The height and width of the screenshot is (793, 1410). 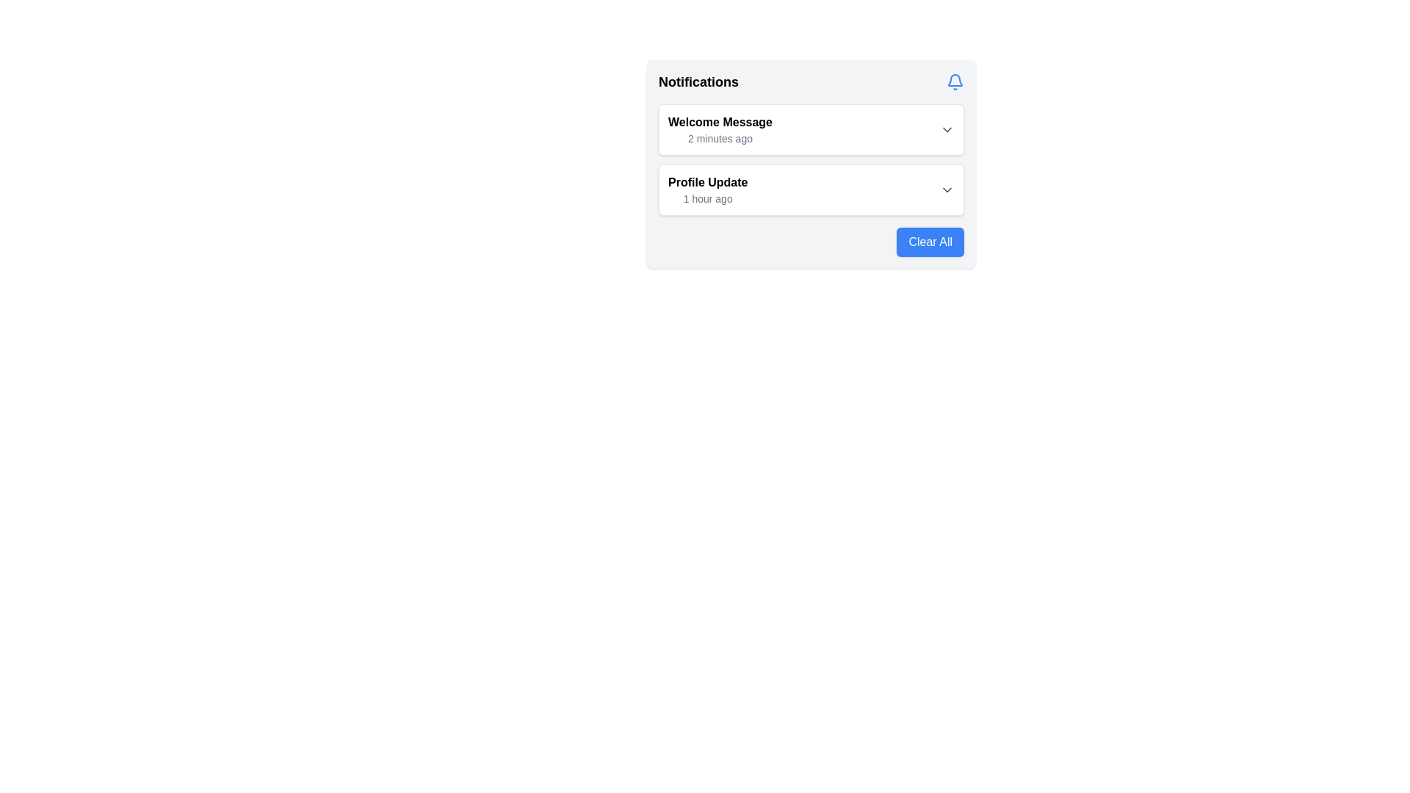 What do you see at coordinates (810, 129) in the screenshot?
I see `the Notification item displaying 'Welcome Message' with a dropdown arrow` at bounding box center [810, 129].